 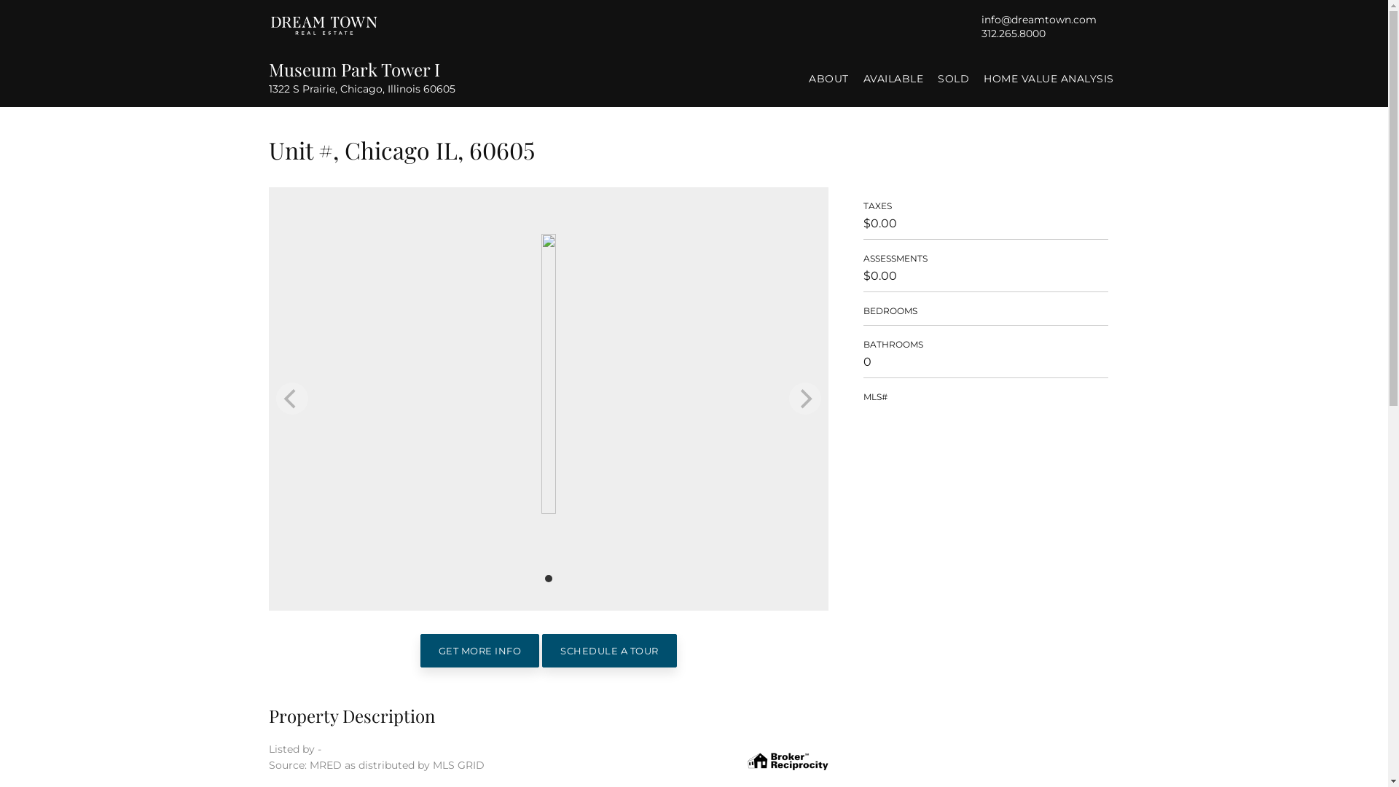 What do you see at coordinates (892, 79) in the screenshot?
I see `'AVAILABLE'` at bounding box center [892, 79].